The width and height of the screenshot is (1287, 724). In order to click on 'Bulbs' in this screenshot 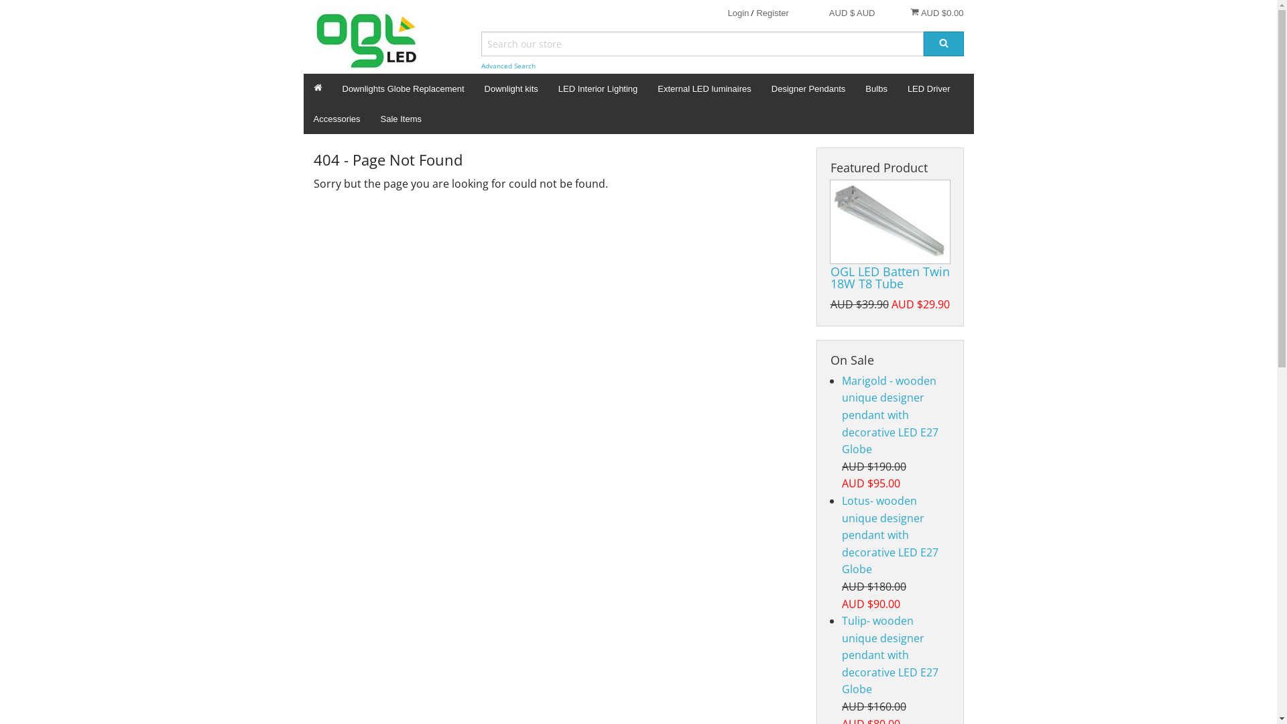, I will do `click(876, 88)`.